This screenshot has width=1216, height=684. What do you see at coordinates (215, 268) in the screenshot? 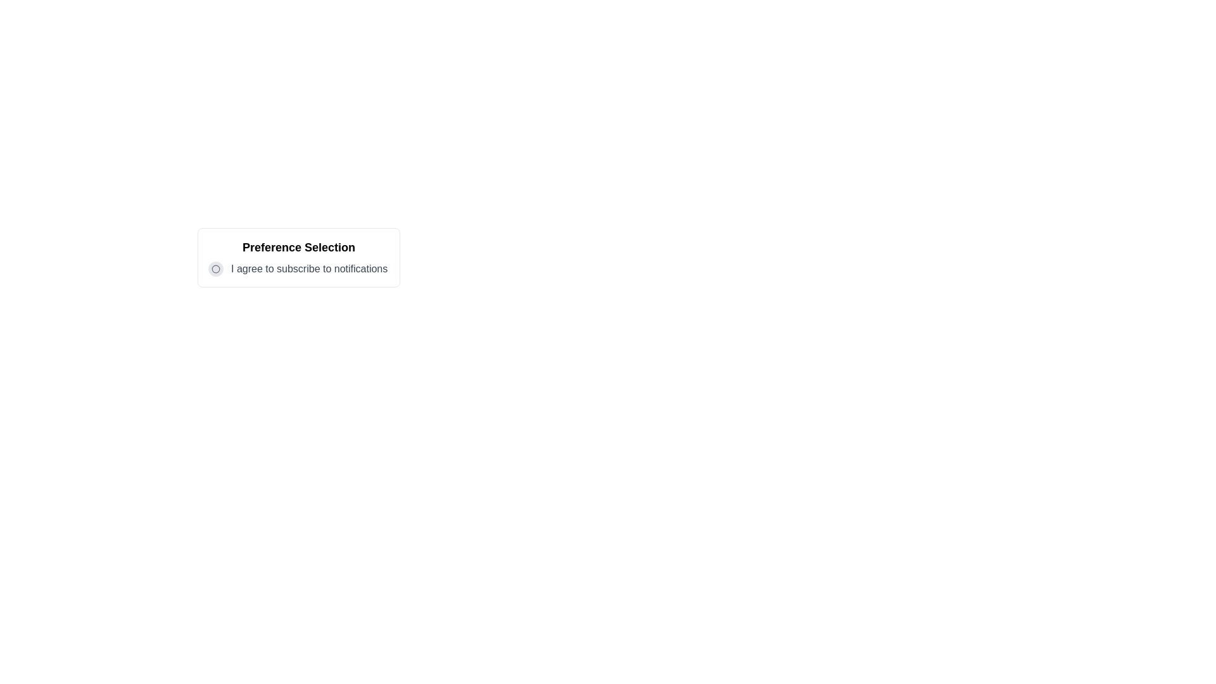
I see `the circular grey icon with a border, which is located to the left of the text 'I agree to subscribe to notifications'` at bounding box center [215, 268].